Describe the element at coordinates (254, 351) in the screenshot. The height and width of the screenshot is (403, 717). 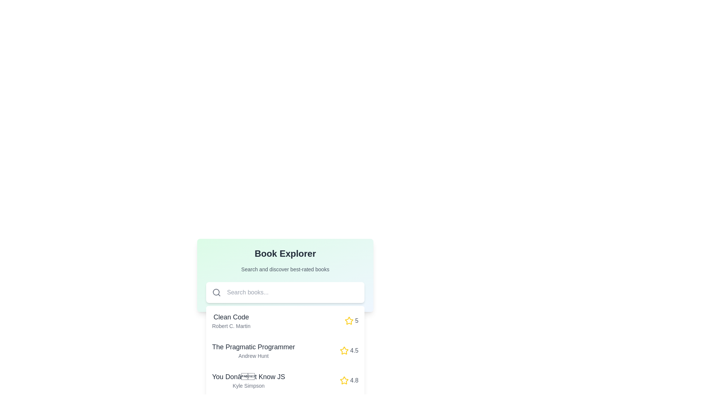
I see `the text label displaying book information, specifically the title and author, located in the 'Book Explorer' section, which is the second item in the list` at that location.